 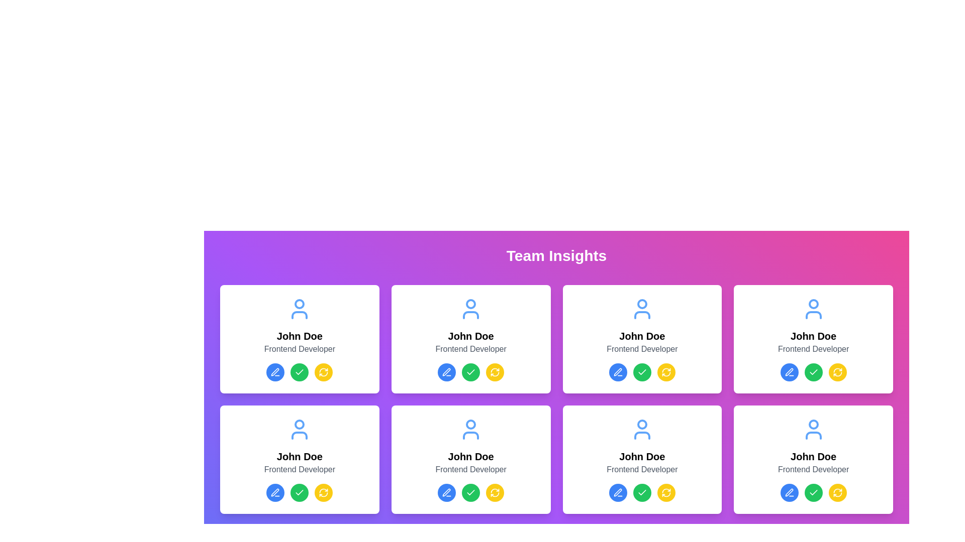 What do you see at coordinates (617, 372) in the screenshot?
I see `keyboard navigation` at bounding box center [617, 372].